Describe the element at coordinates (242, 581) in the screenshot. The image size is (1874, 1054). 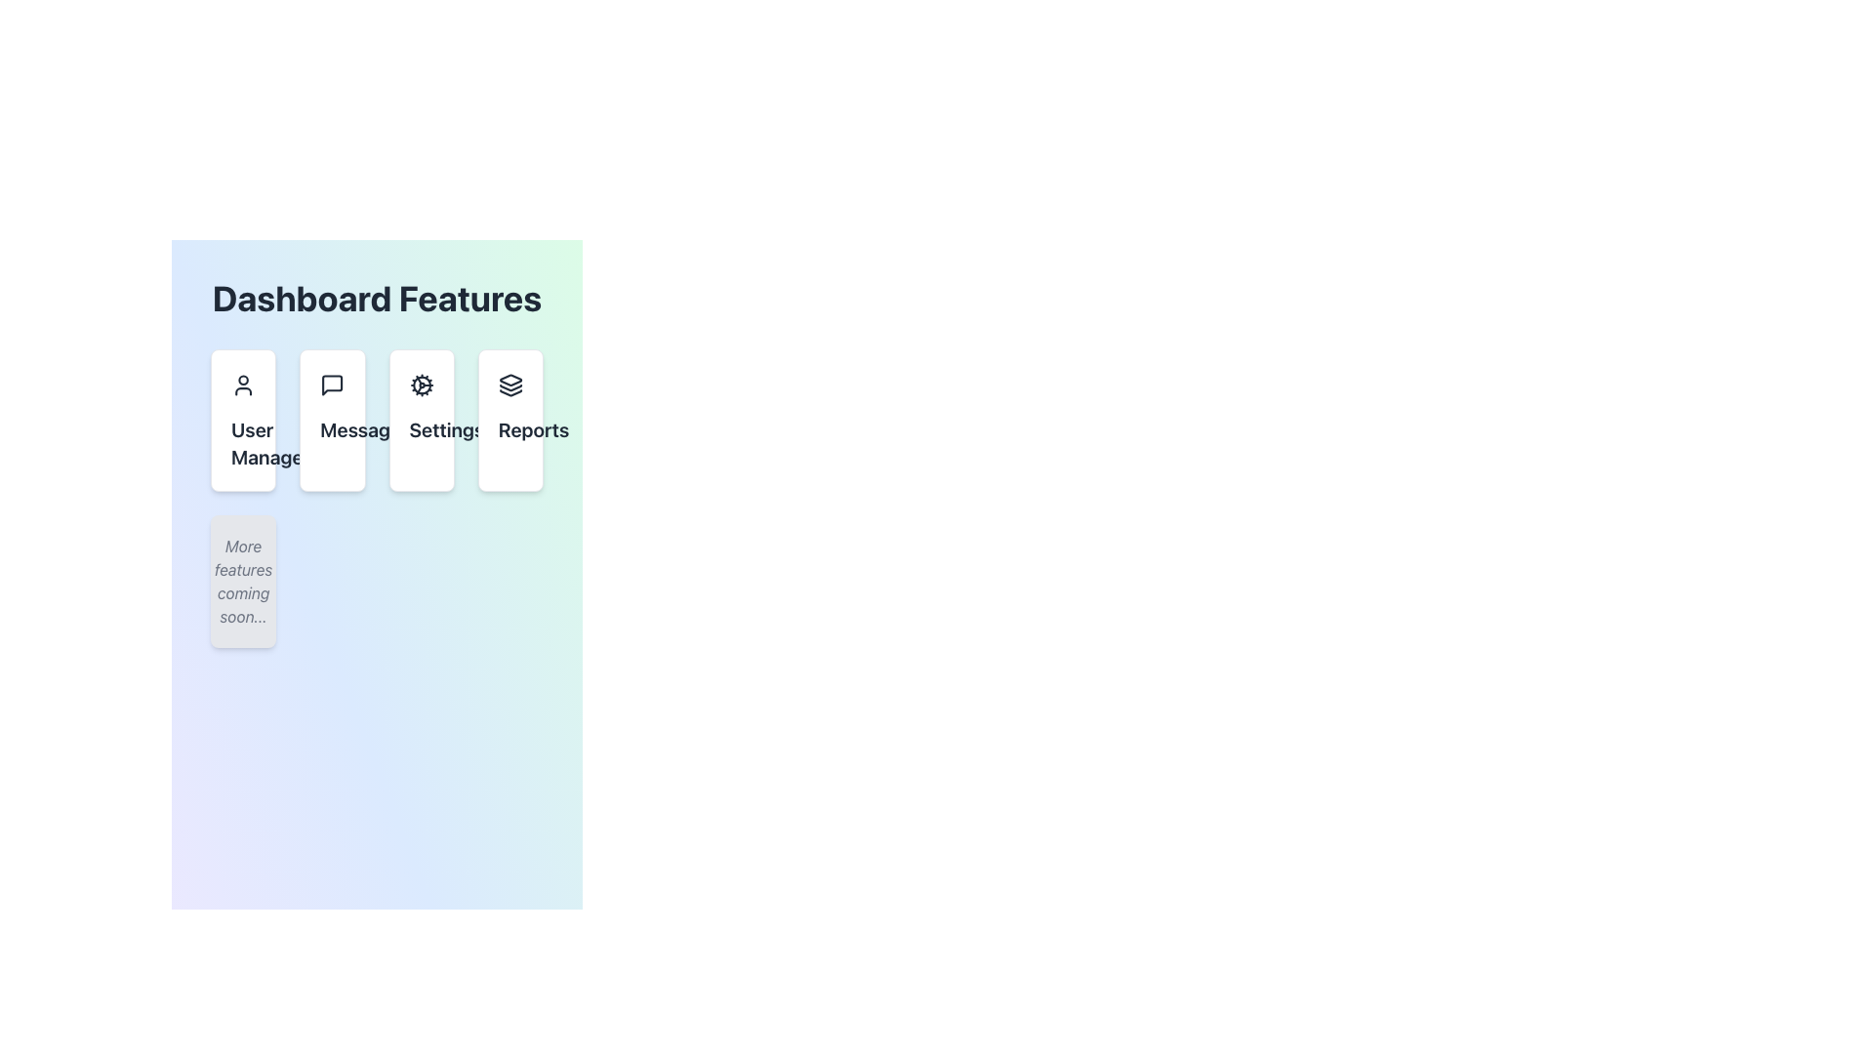
I see `the static text element displaying 'More features coming soon...' which is styled in italic gray font and is located beneath the buttons for 'User Management,' 'Messages,' 'Settings,' and 'Reports'` at that location.